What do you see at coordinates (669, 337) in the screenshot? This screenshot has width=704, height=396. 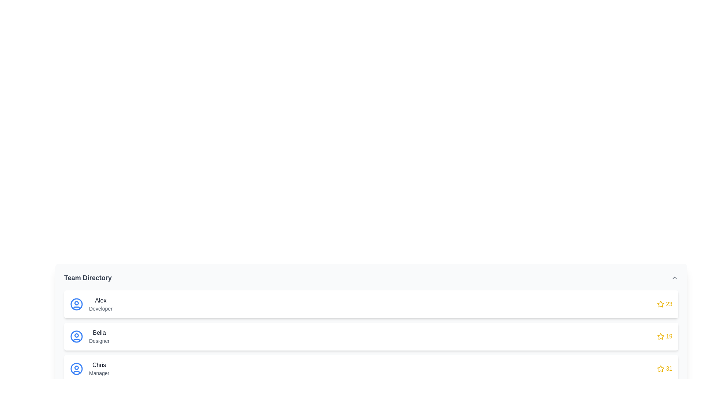 I see `the numeric display shown in bold yellow font, positioned to the right of the star icon, which is part of the list item identified by 'Bella'` at bounding box center [669, 337].